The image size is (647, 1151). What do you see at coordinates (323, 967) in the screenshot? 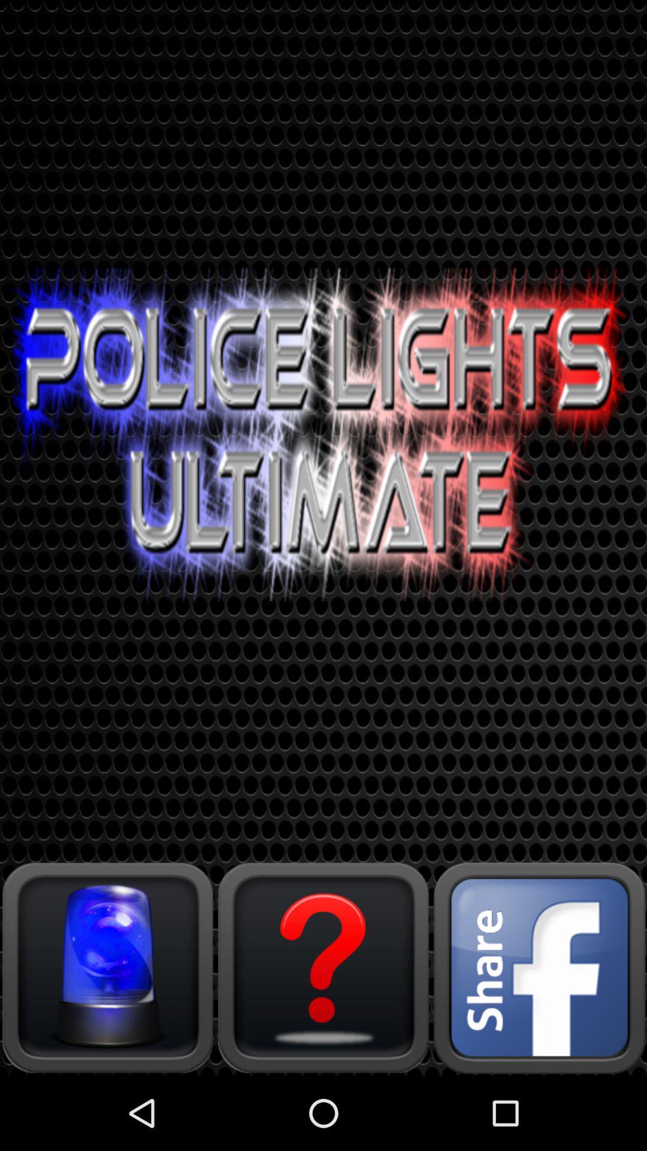
I see `help section` at bounding box center [323, 967].